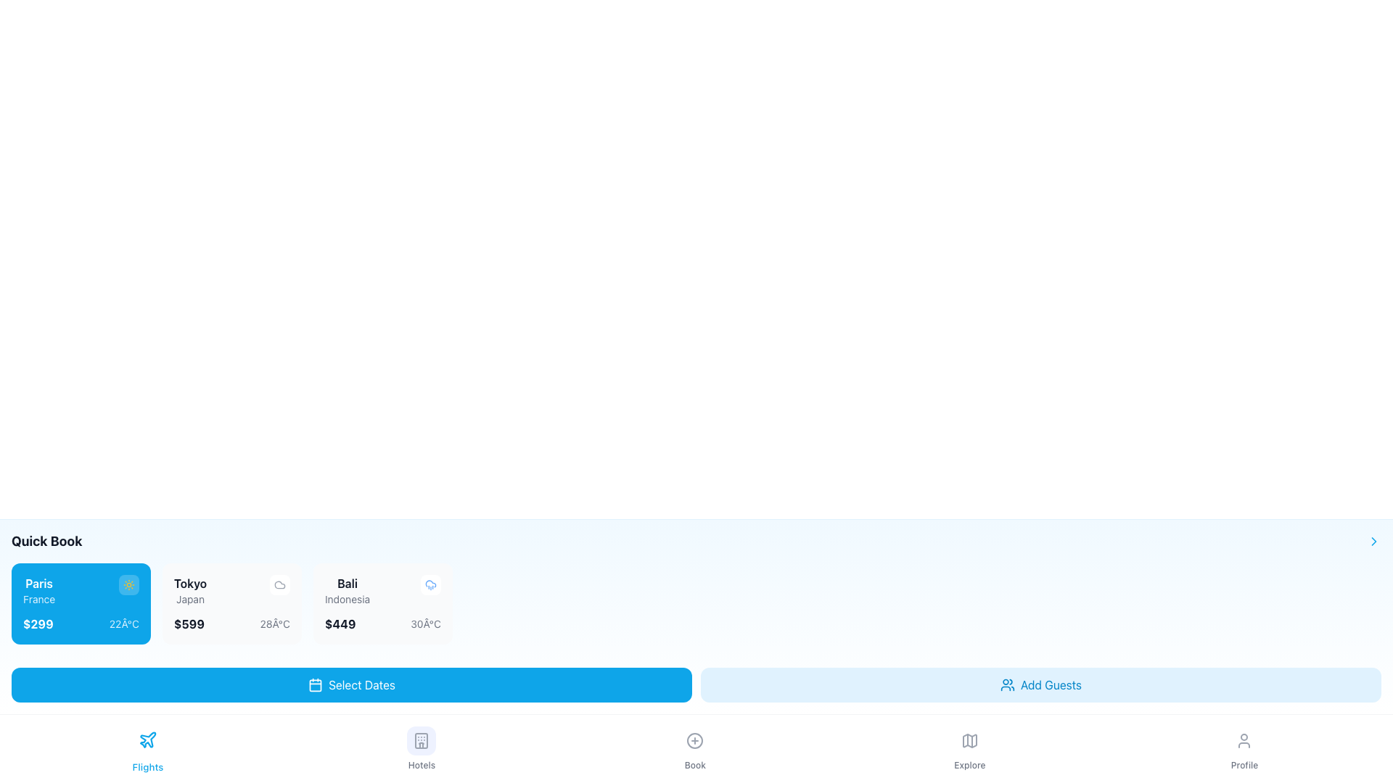  Describe the element at coordinates (1244, 741) in the screenshot. I see `the Profile Icon button located in the bottom-right corner of the interface, which serves as a link` at that location.